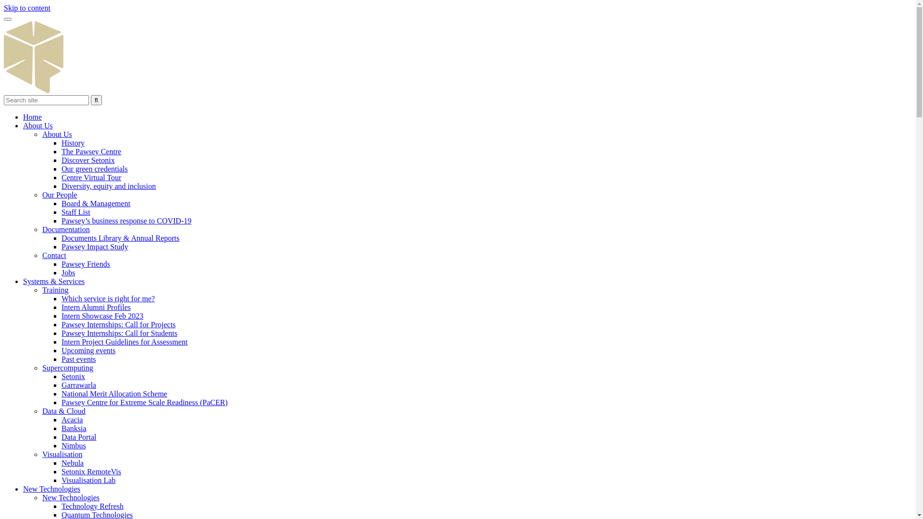 The height and width of the screenshot is (519, 923). I want to click on 'Our People', so click(59, 195).